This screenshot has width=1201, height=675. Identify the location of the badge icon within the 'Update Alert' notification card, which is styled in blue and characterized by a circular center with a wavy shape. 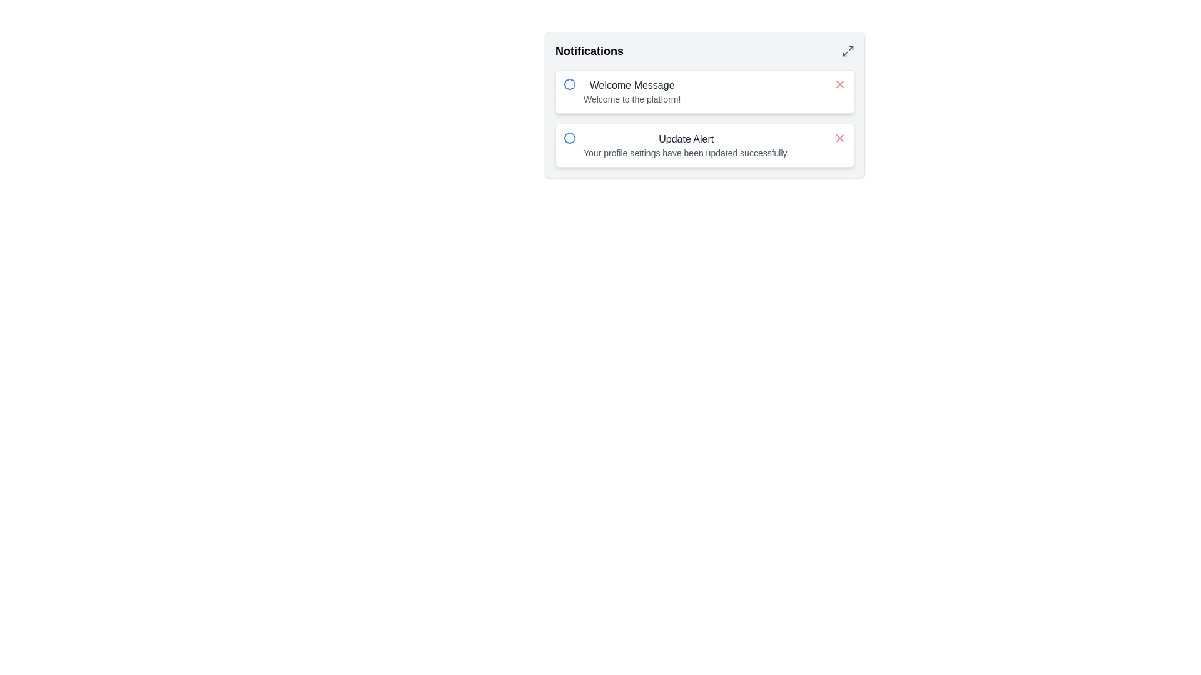
(569, 137).